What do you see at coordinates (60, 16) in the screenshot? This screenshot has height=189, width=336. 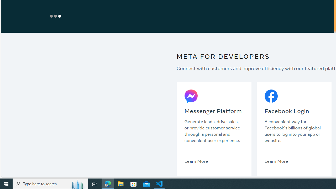 I see `'Show Slide 3'` at bounding box center [60, 16].